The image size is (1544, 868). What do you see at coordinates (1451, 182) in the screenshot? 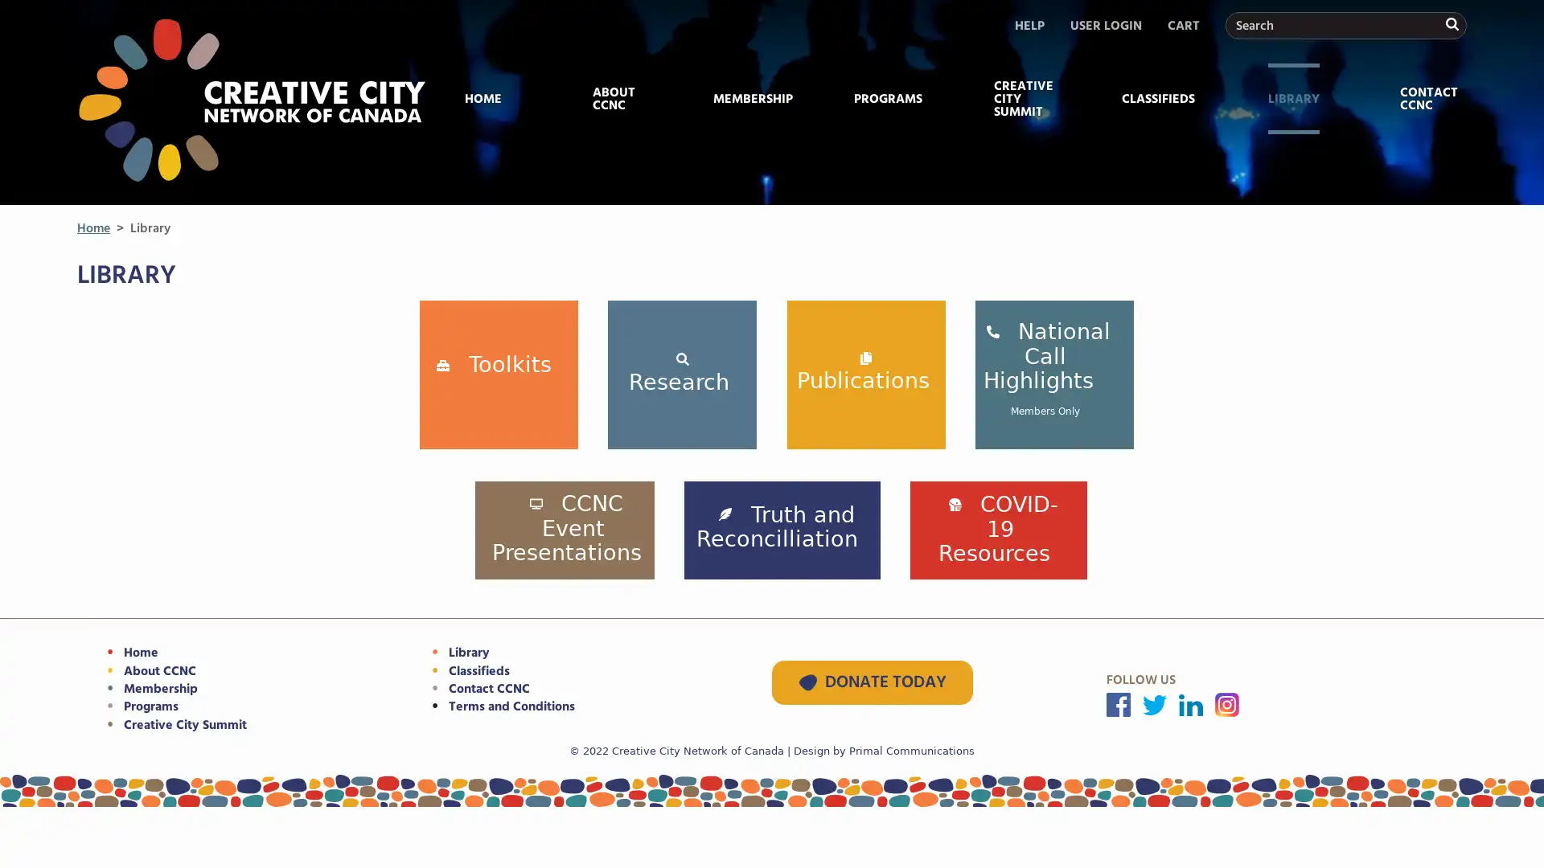
I see `Ignore` at bounding box center [1451, 182].